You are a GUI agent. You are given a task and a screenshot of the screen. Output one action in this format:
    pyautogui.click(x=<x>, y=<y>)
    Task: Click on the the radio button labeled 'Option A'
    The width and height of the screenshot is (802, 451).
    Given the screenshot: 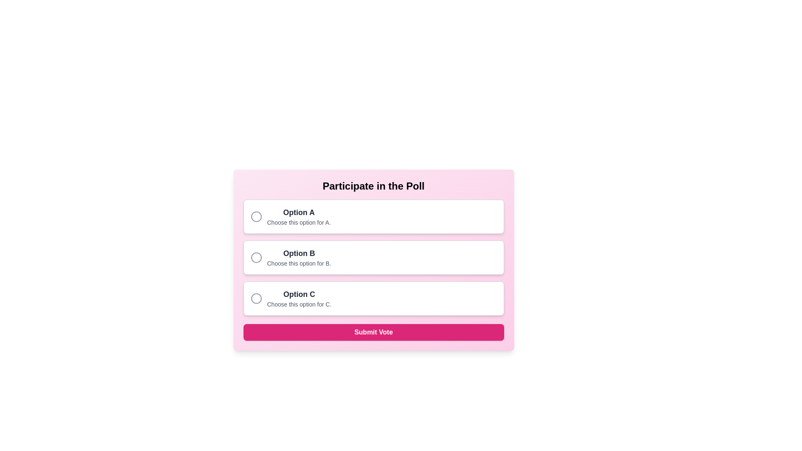 What is the action you would take?
    pyautogui.click(x=373, y=216)
    